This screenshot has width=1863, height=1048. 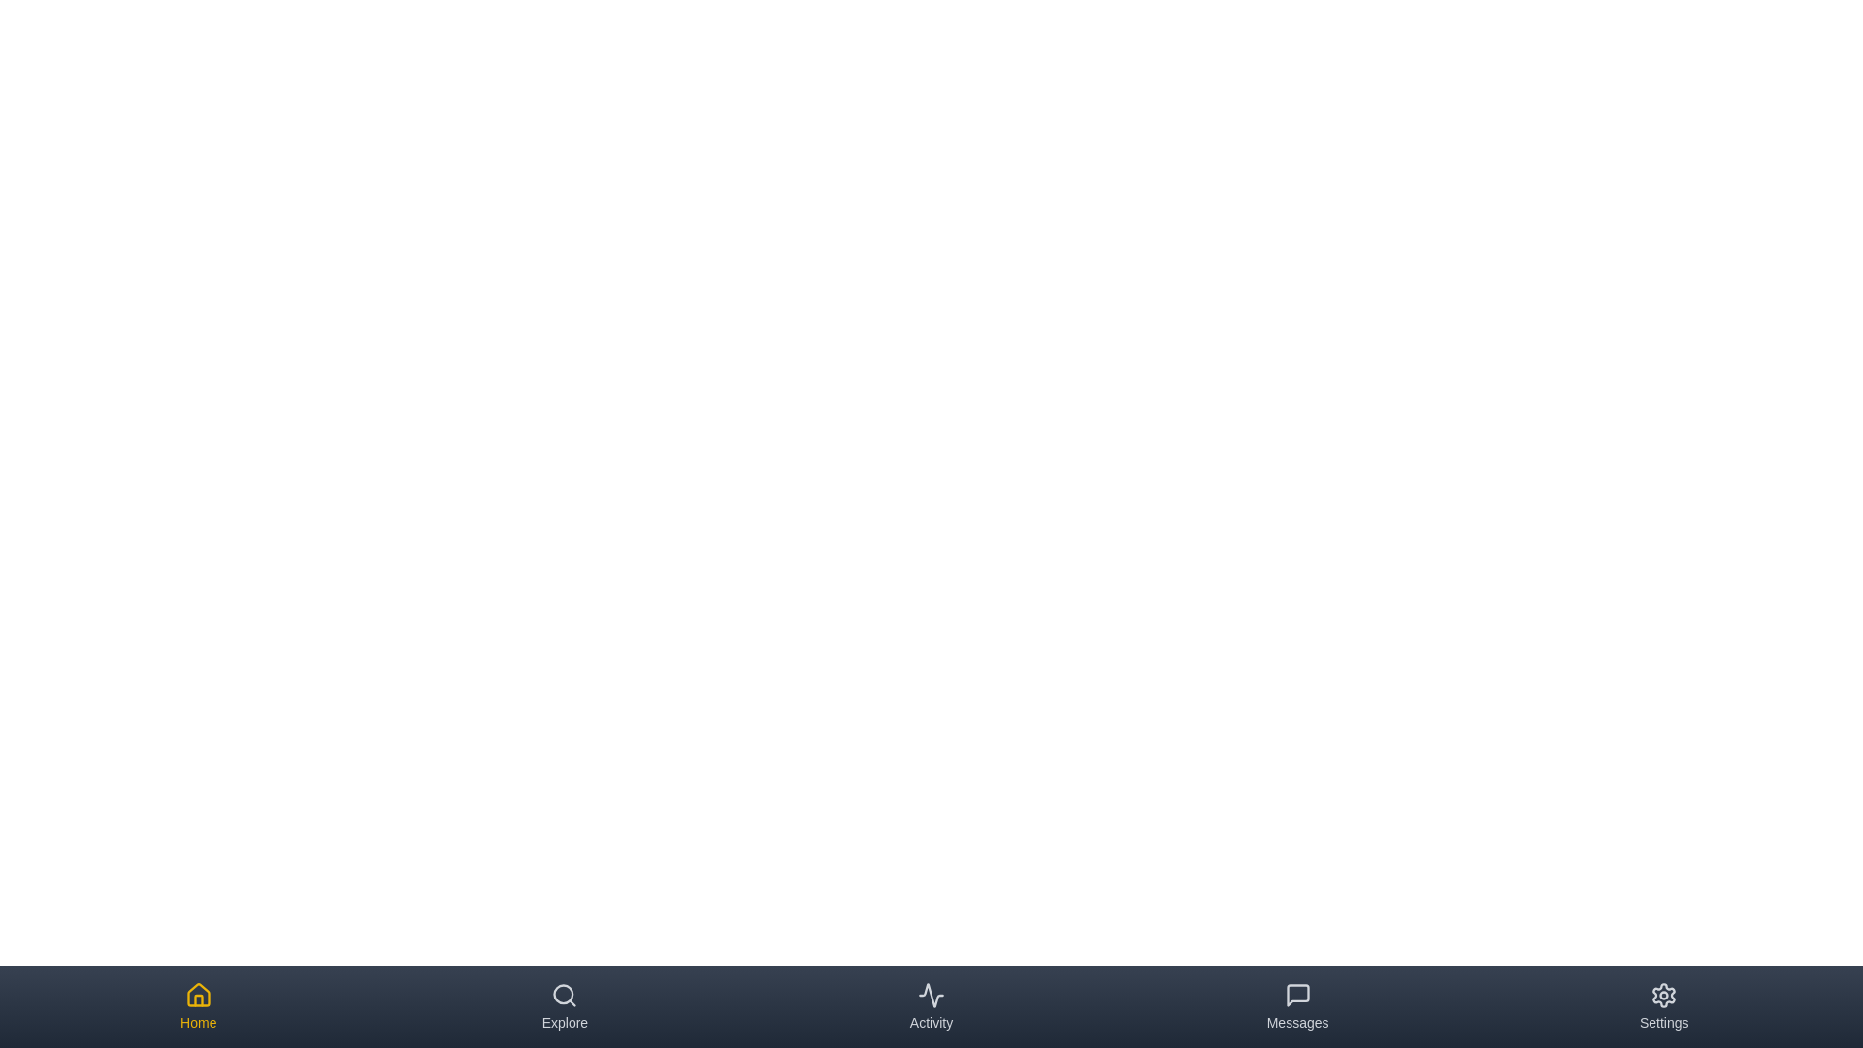 I want to click on the tab corresponding to Messages, so click(x=1298, y=1005).